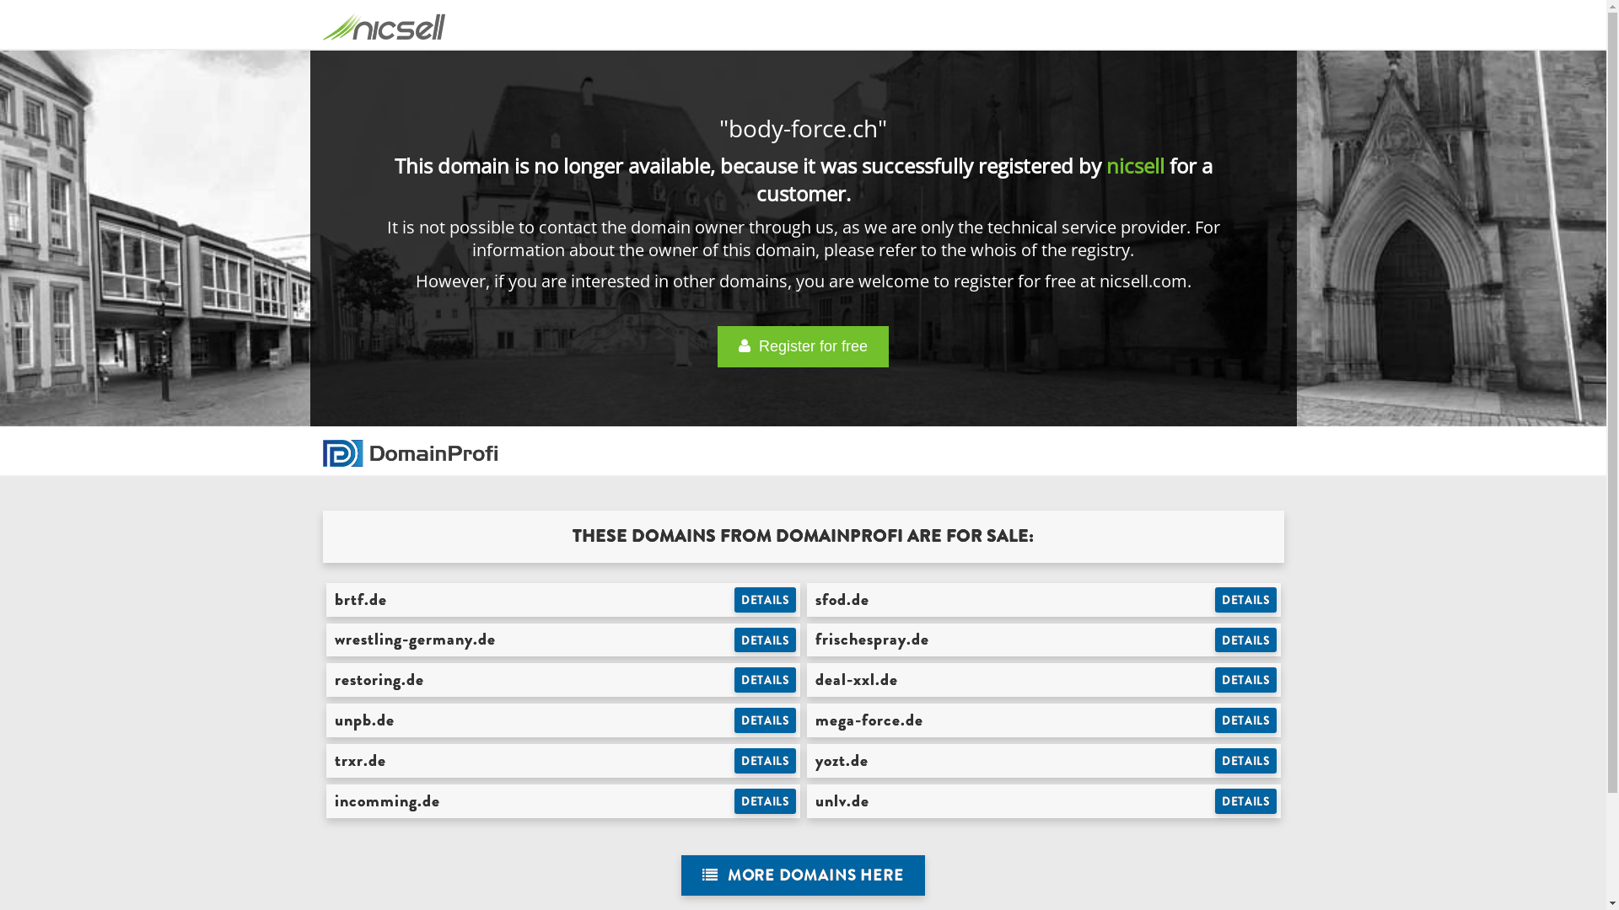  I want to click on 'DETAILS', so click(1245, 720).